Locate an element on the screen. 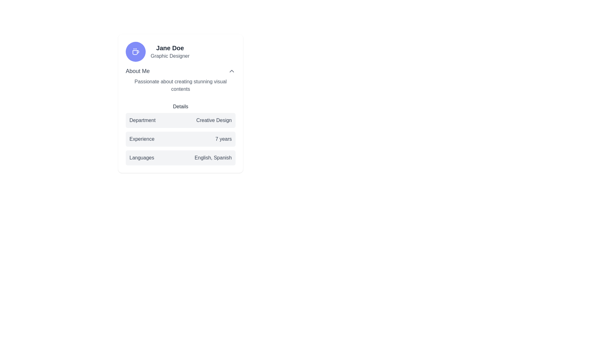  the text label indicating 'Languages' is located at coordinates (141, 157).